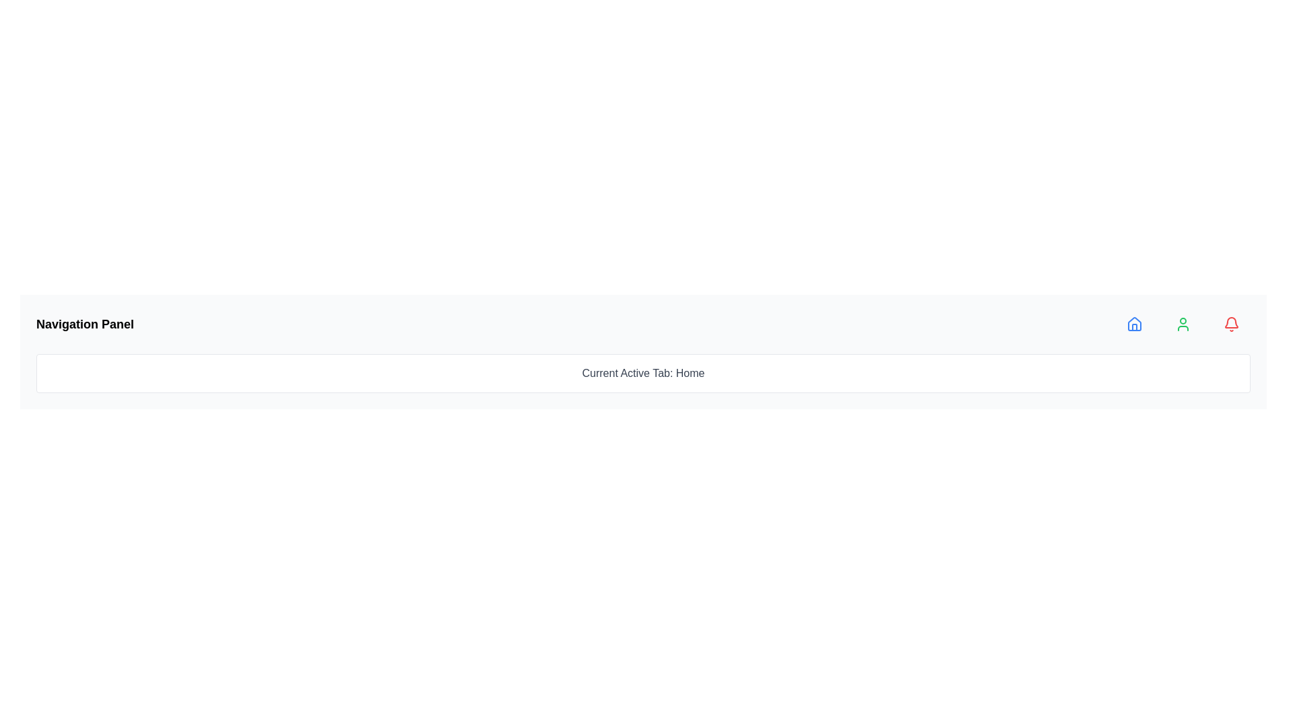 This screenshot has height=727, width=1293. Describe the element at coordinates (1182, 324) in the screenshot. I see `the 'Profile' or 'User Account' button located in the upper-right corner of the interface, which is the second button from the right between the bell icon button and the home icon button` at that location.